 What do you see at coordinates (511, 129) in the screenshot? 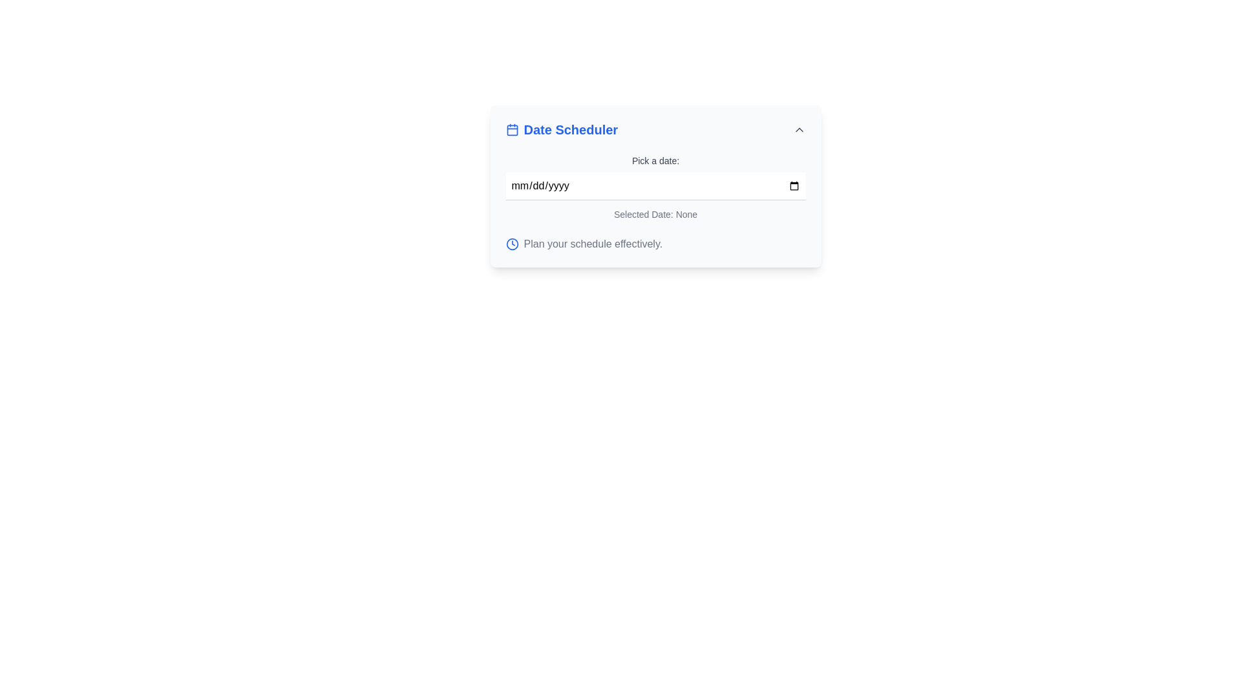
I see `the calendar icon in the header section of the 'Date Scheduler' component` at bounding box center [511, 129].